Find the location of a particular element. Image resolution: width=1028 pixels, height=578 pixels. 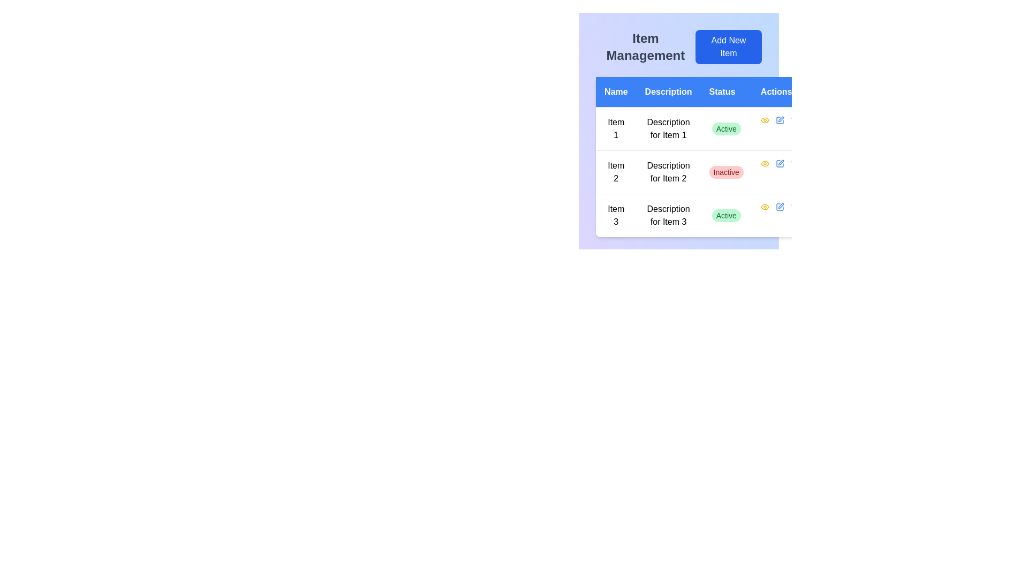

the Status badge in the first row under the 'Status' header, which indicates that 'Item 1' is currently active is located at coordinates (726, 128).